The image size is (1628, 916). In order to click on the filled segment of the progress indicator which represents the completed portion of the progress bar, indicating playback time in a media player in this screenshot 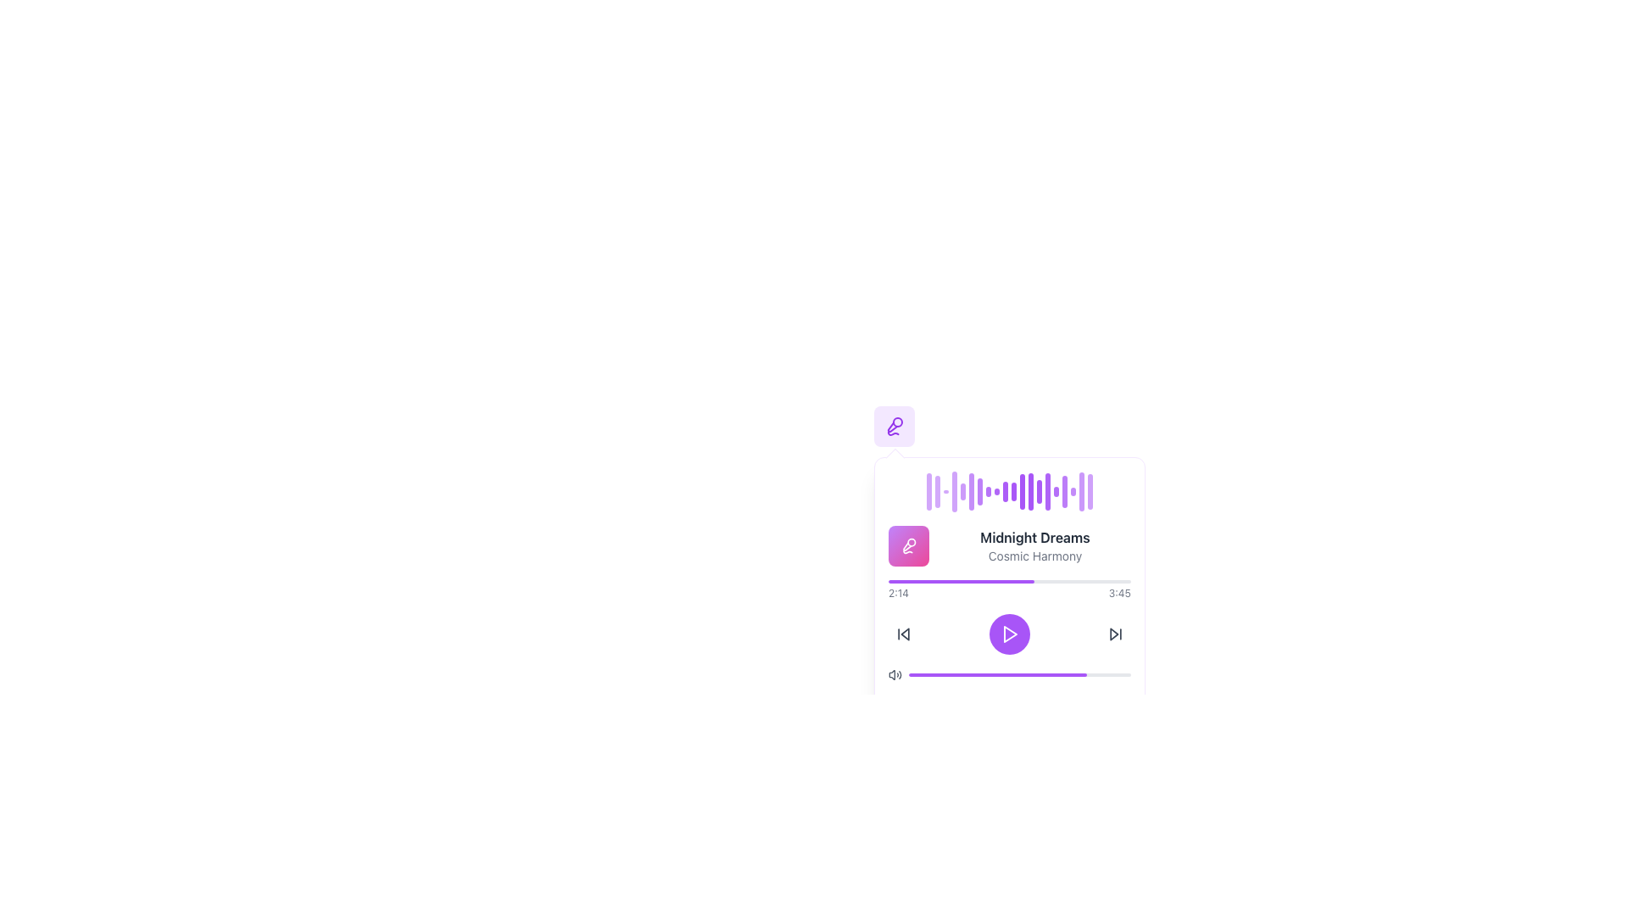, I will do `click(961, 581)`.